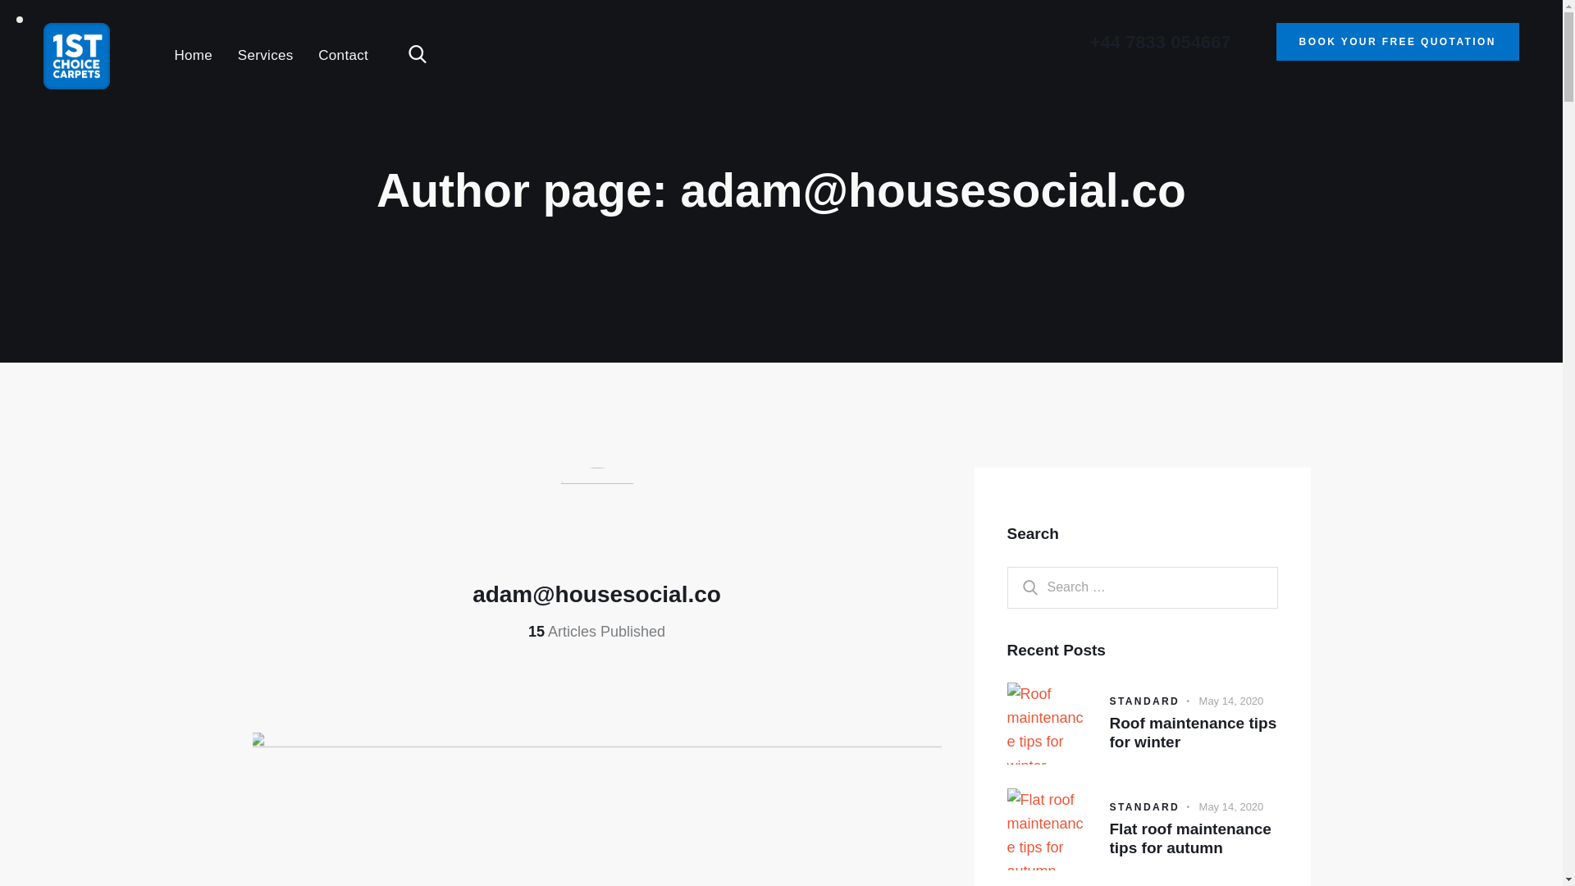 The width and height of the screenshot is (1575, 886). Describe the element at coordinates (1144, 806) in the screenshot. I see `'STANDARD'` at that location.